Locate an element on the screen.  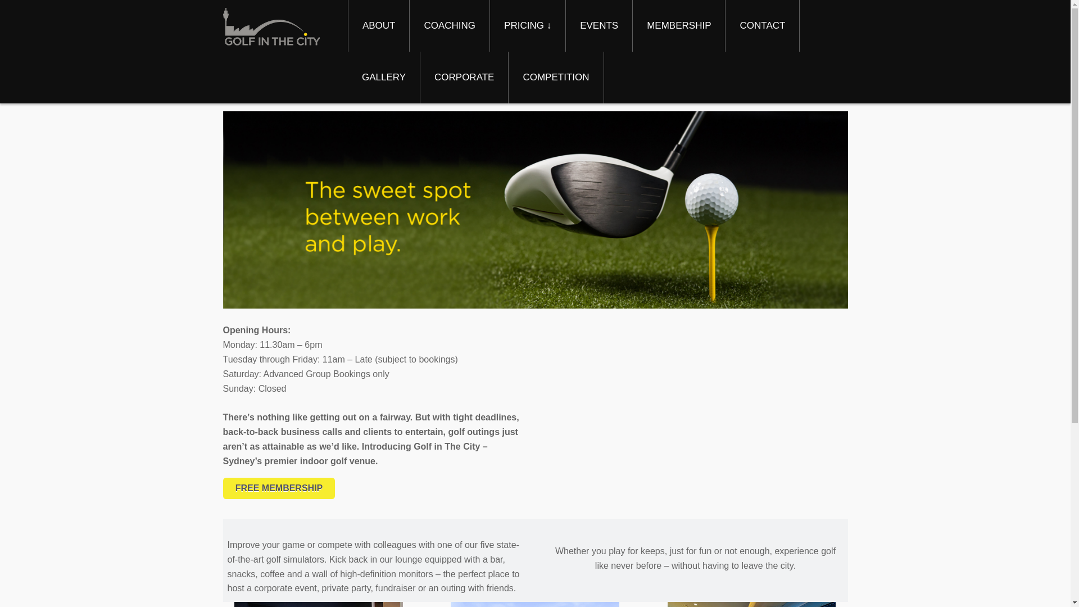
'GALLERY' is located at coordinates (383, 77).